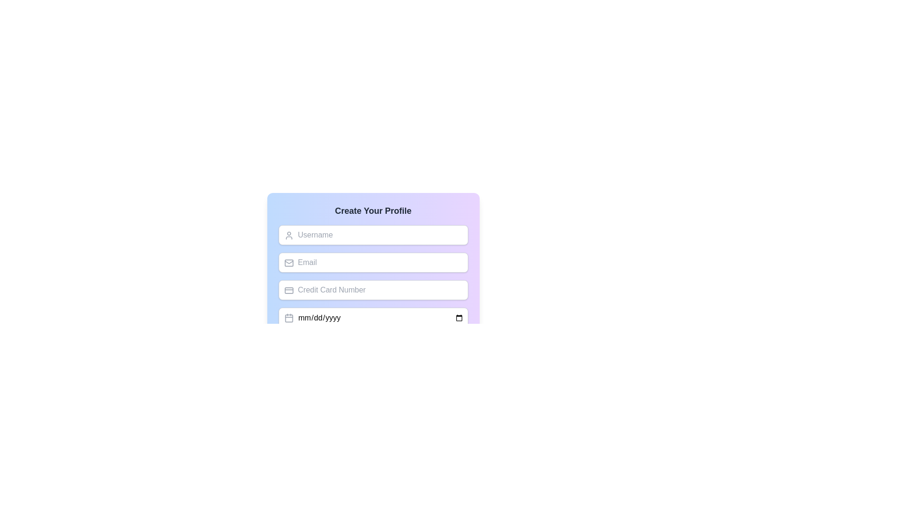 The width and height of the screenshot is (910, 512). What do you see at coordinates (288, 318) in the screenshot?
I see `the calendar icon located to the left of the 'mm/dd/yyyy' placeholder text in the date input field by tabbing into it` at bounding box center [288, 318].